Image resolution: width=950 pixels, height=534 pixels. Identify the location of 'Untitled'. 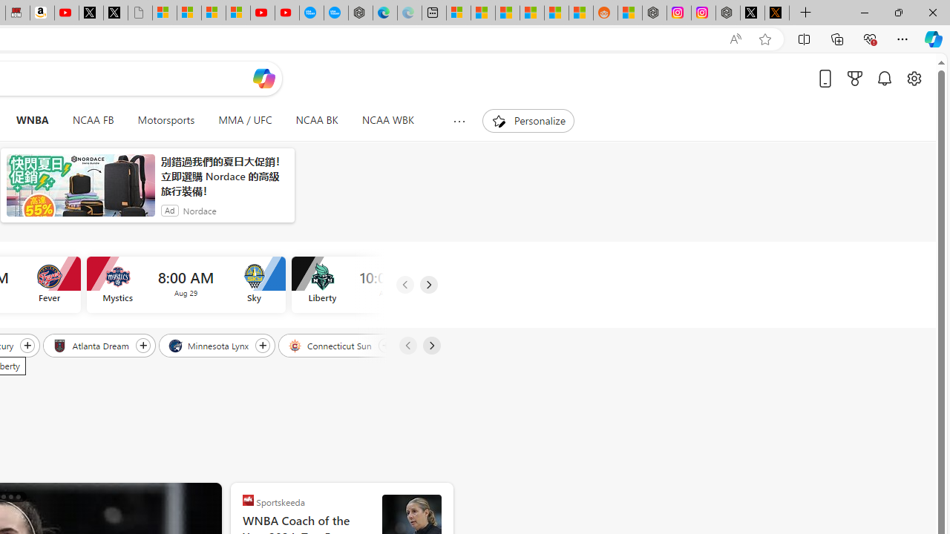
(140, 13).